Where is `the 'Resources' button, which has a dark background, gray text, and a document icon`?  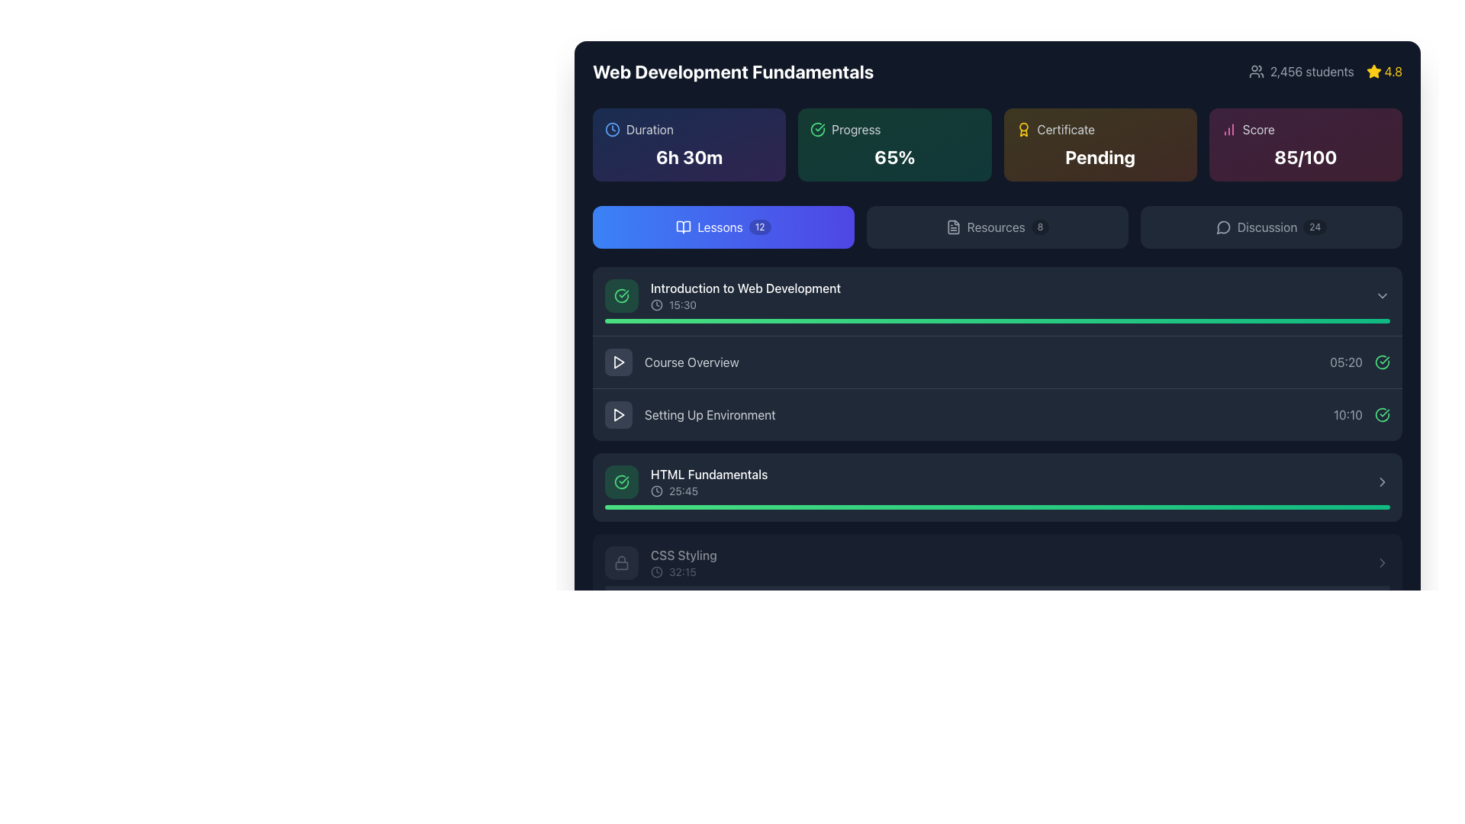
the 'Resources' button, which has a dark background, gray text, and a document icon is located at coordinates (997, 227).